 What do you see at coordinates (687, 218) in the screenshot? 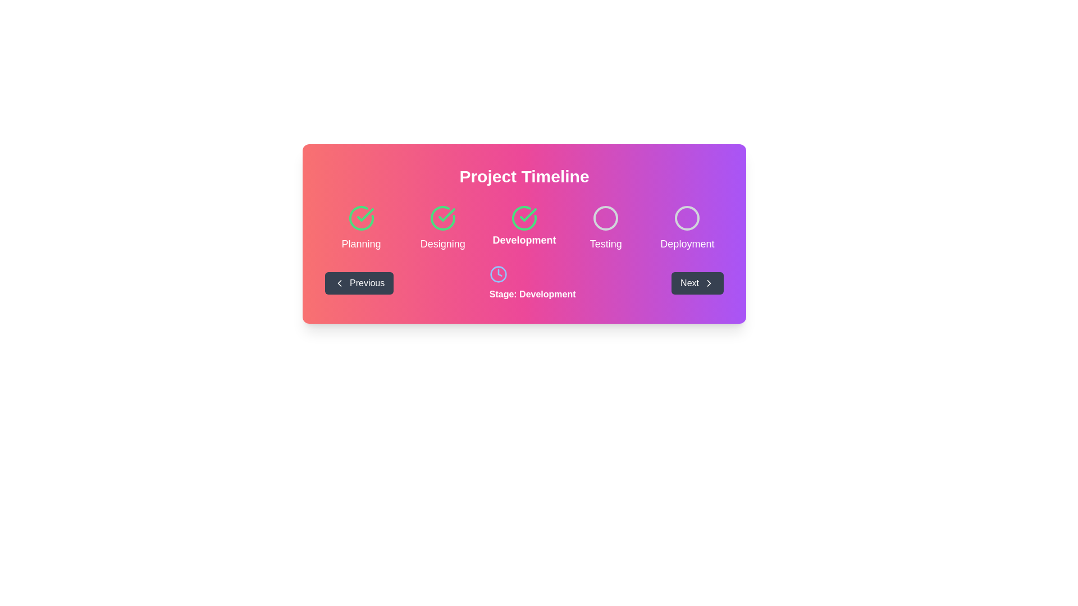
I see `the circular graphical UI indicator in the 'Project Timeline' layout, which is the fifth element in the sequence of stage indicators` at bounding box center [687, 218].